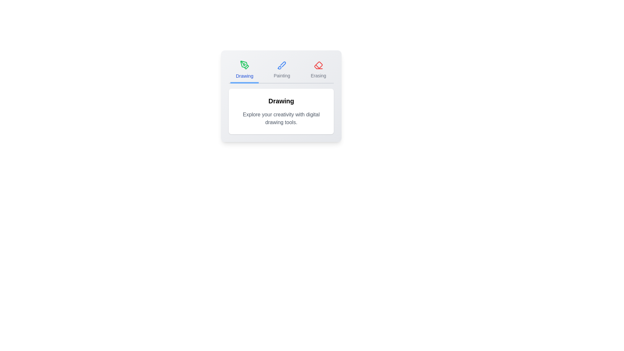 The height and width of the screenshot is (351, 624). What do you see at coordinates (244, 70) in the screenshot?
I see `the active tab label 'Drawing'` at bounding box center [244, 70].